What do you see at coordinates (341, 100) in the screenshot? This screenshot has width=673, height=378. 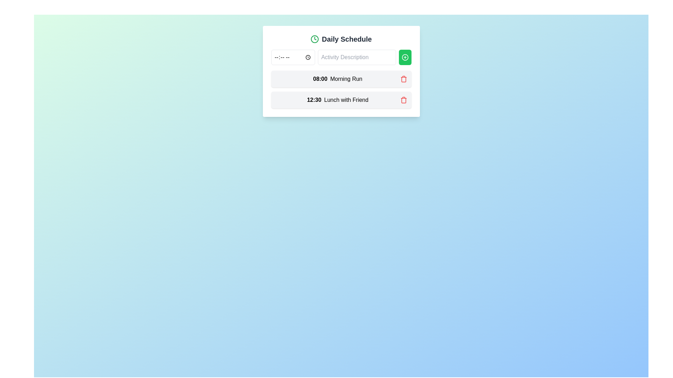 I see `the List item containing the time '12:30' and the text 'Lunch with Friend'` at bounding box center [341, 100].